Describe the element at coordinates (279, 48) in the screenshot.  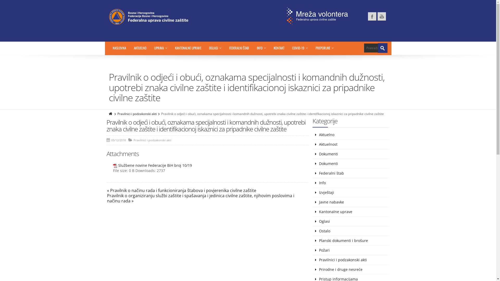
I see `'KONTAKT'` at that location.